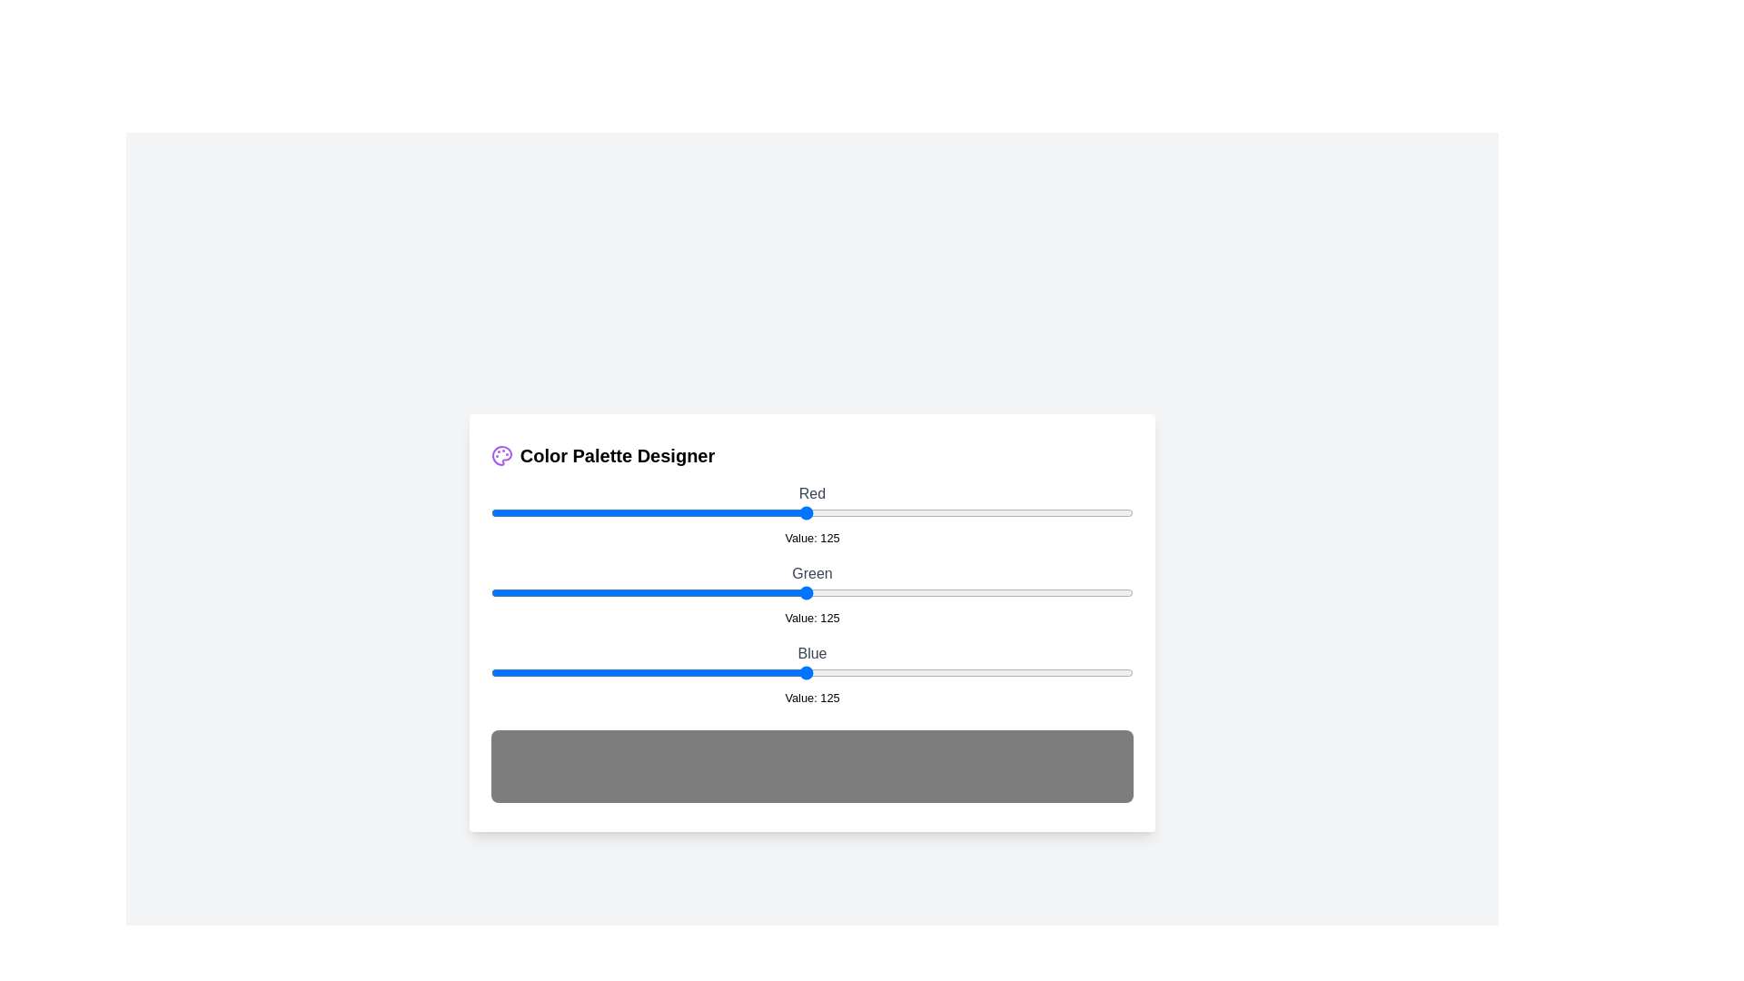 This screenshot has height=981, width=1744. What do you see at coordinates (1065, 512) in the screenshot?
I see `the 0 slider to 228 to observe the updated color preview` at bounding box center [1065, 512].